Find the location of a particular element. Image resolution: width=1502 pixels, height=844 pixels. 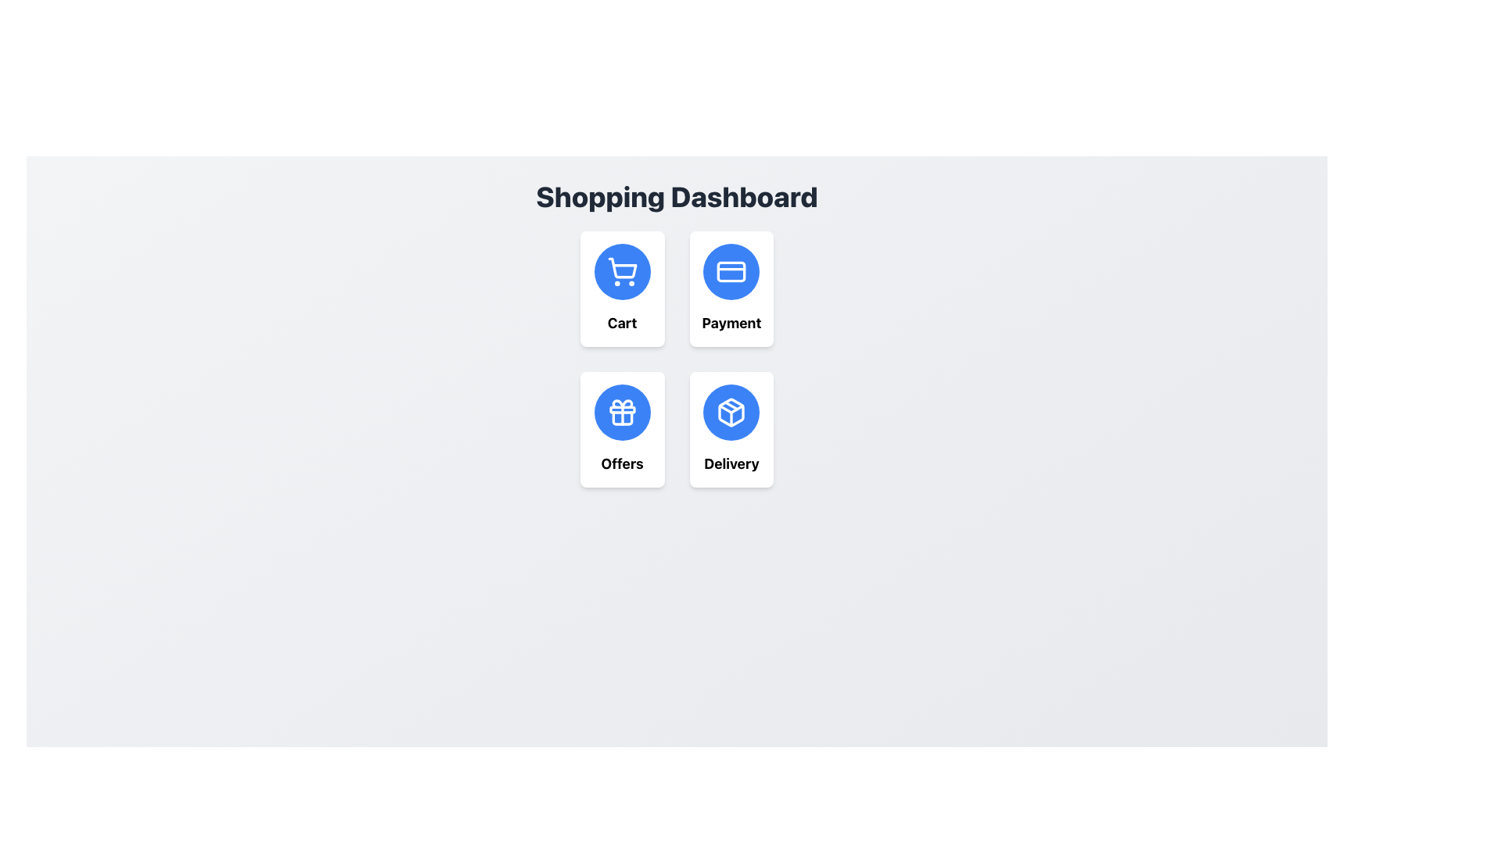

the text label at the bottom of the white rectangular card in the second row, first column of the 2x2 grid layout, which is contextually linked to a gift icon is located at coordinates (621, 463).